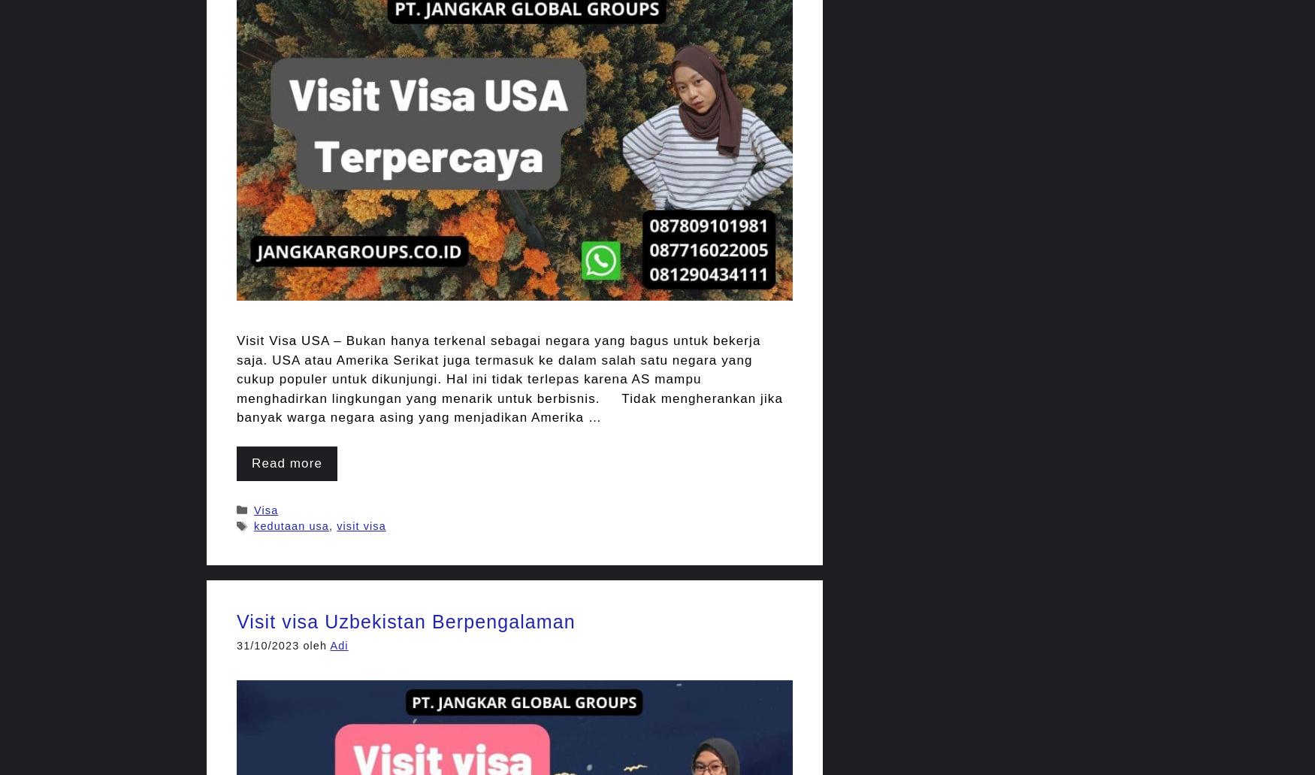  What do you see at coordinates (338, 646) in the screenshot?
I see `'Adi'` at bounding box center [338, 646].